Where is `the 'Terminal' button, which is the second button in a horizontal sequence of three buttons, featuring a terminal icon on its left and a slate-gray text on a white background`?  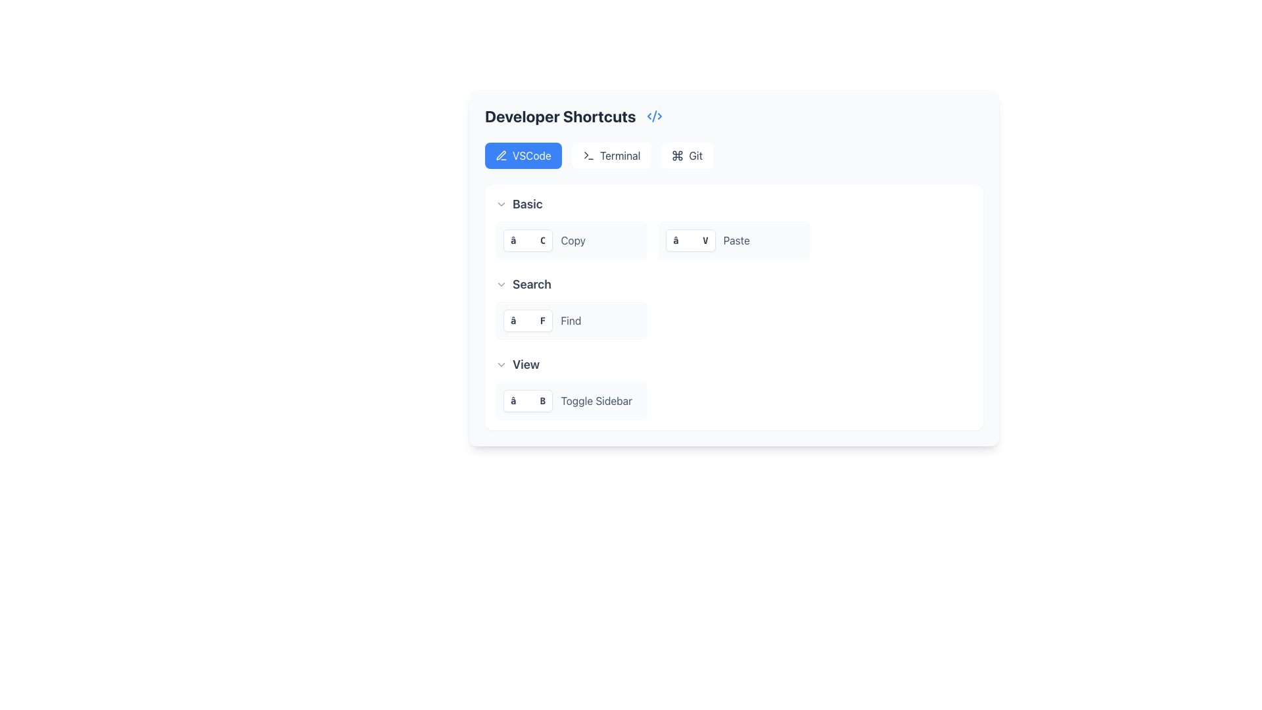
the 'Terminal' button, which is the second button in a horizontal sequence of three buttons, featuring a terminal icon on its left and a slate-gray text on a white background is located at coordinates (611, 154).